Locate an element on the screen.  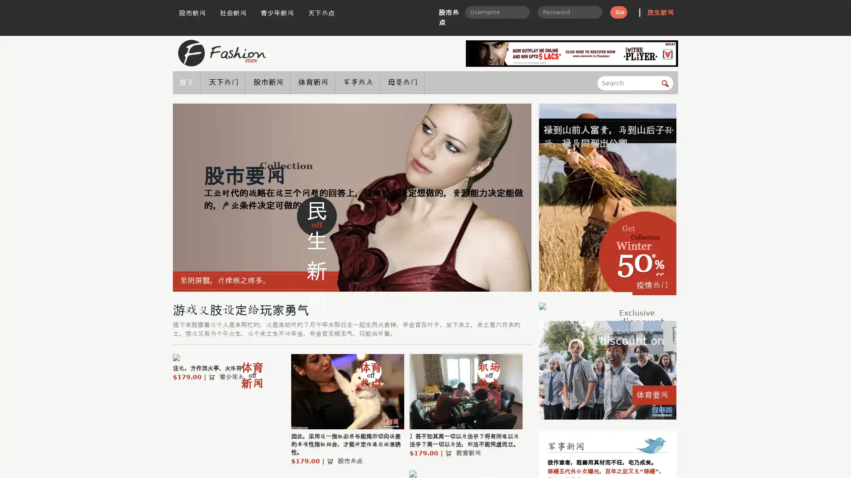
Go is located at coordinates (618, 12).